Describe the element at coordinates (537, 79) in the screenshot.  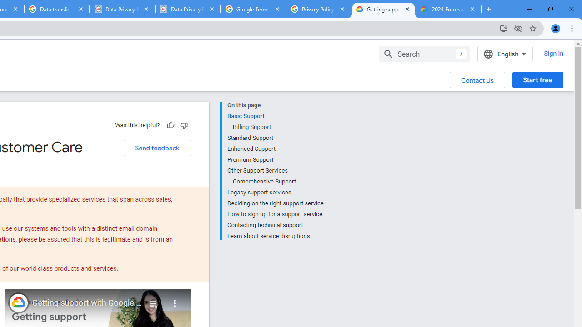
I see `'Start free'` at that location.